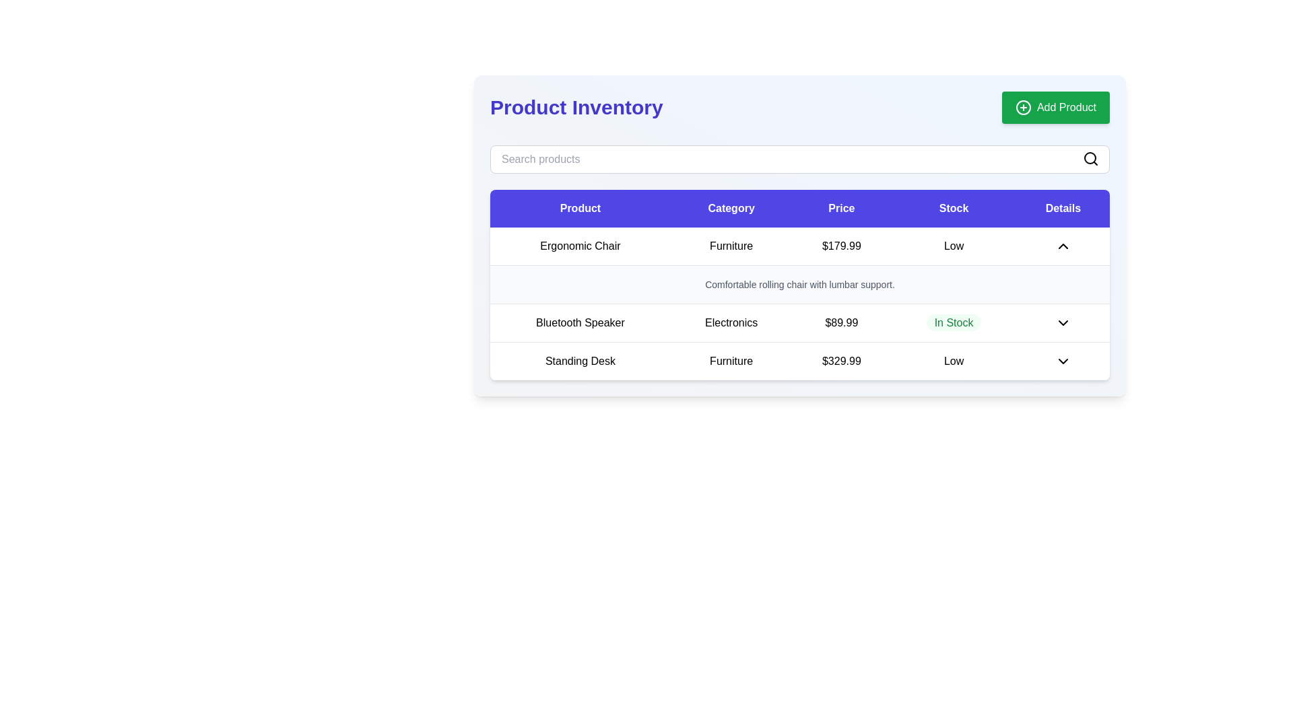 The height and width of the screenshot is (727, 1293). What do you see at coordinates (800, 284) in the screenshot?
I see `the text display area that describes 'Comfortable rolling chair with lumbar support.' in the product inventory table` at bounding box center [800, 284].